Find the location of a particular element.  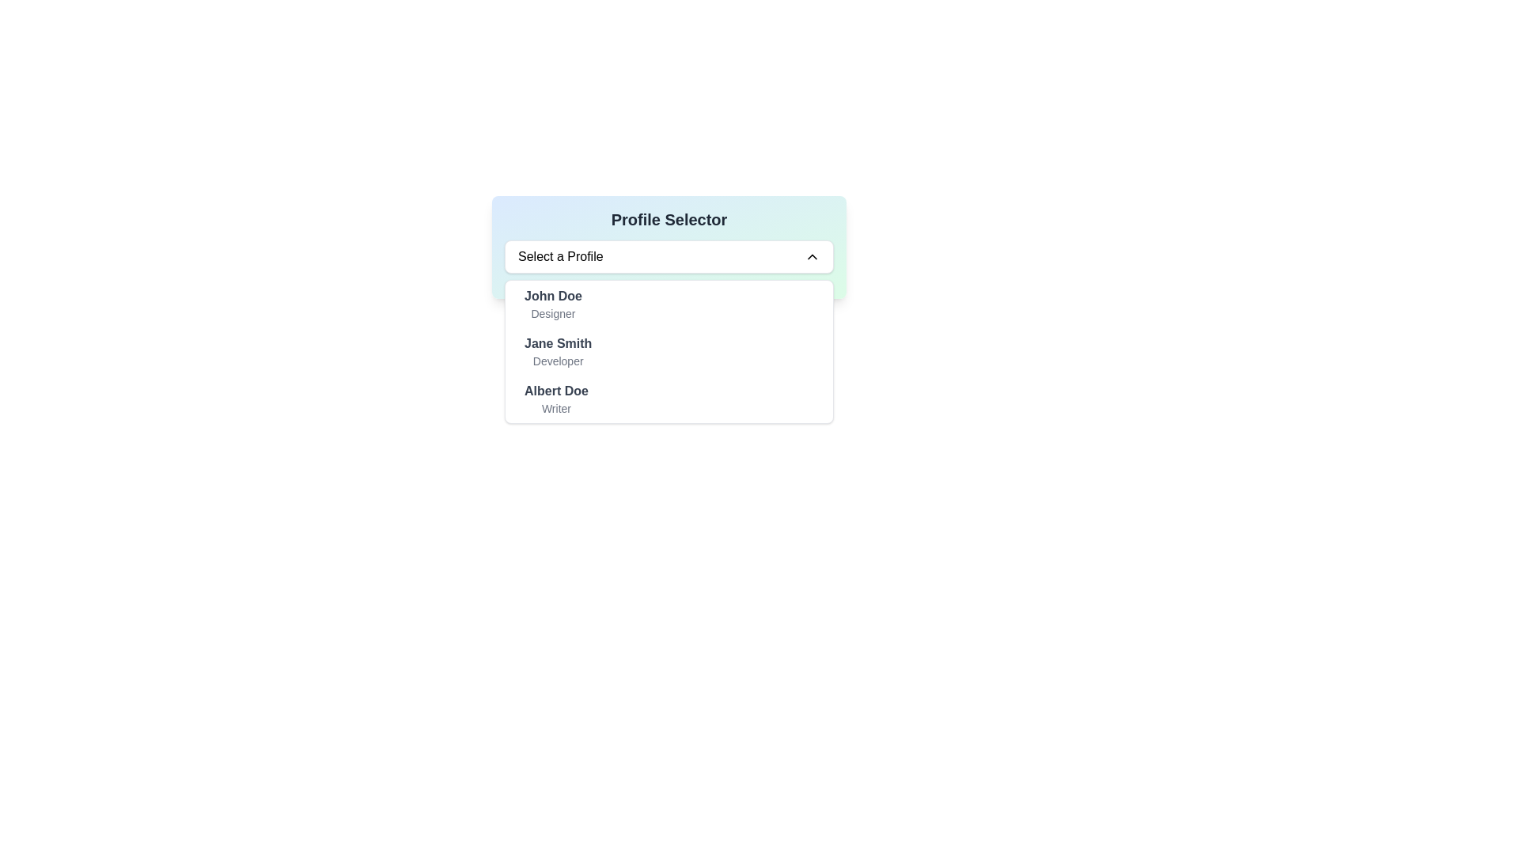

the selectable list item for Albert Doe, the third option in the dropdown menu is located at coordinates (669, 399).